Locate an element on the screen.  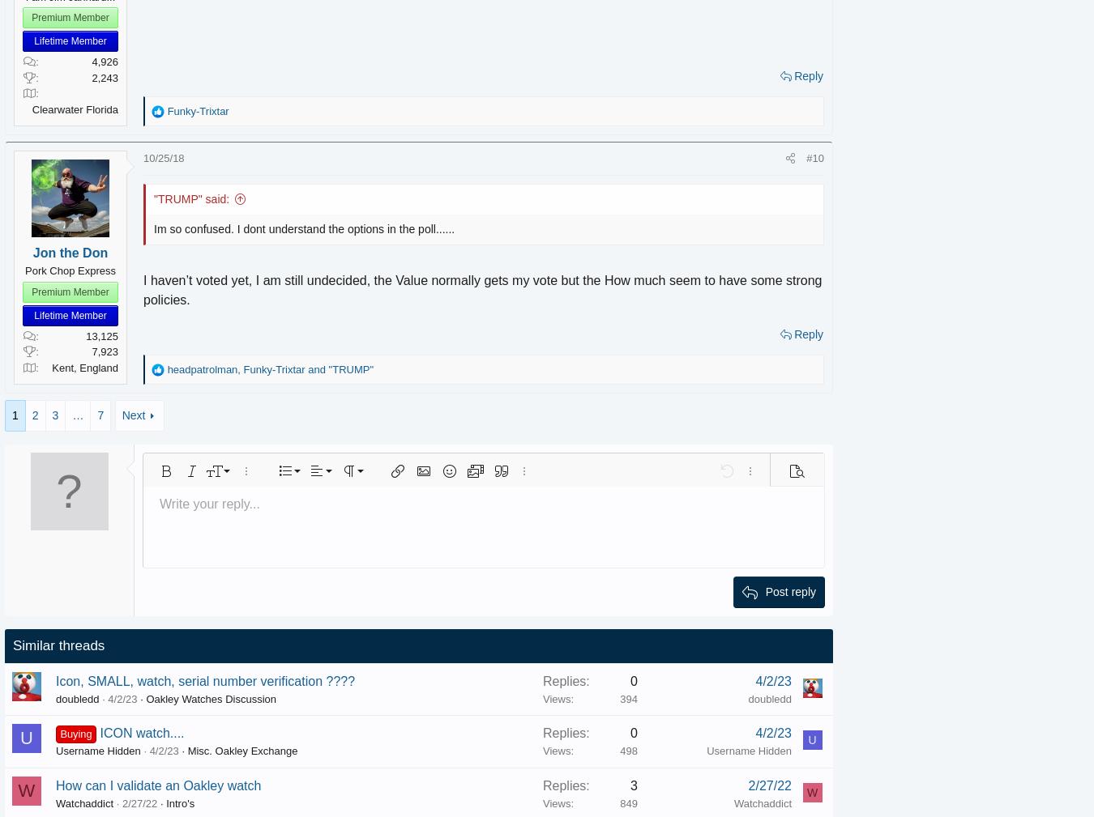
'Post reply' is located at coordinates (764, 592).